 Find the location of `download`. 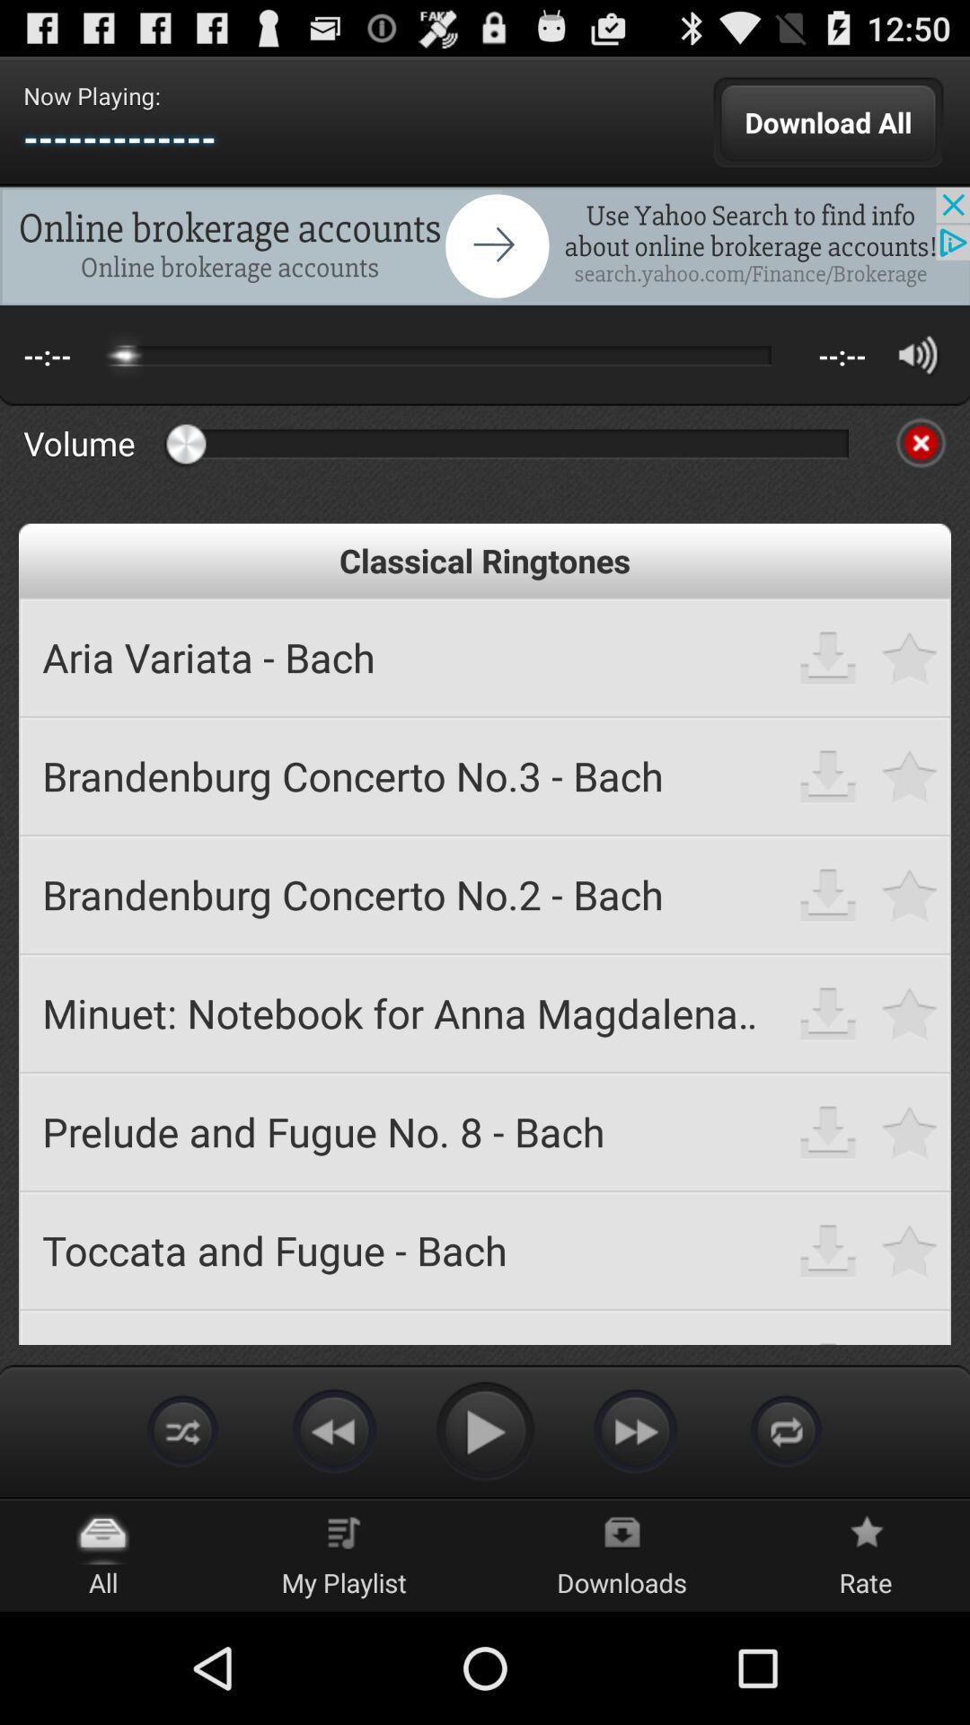

download is located at coordinates (828, 1249).